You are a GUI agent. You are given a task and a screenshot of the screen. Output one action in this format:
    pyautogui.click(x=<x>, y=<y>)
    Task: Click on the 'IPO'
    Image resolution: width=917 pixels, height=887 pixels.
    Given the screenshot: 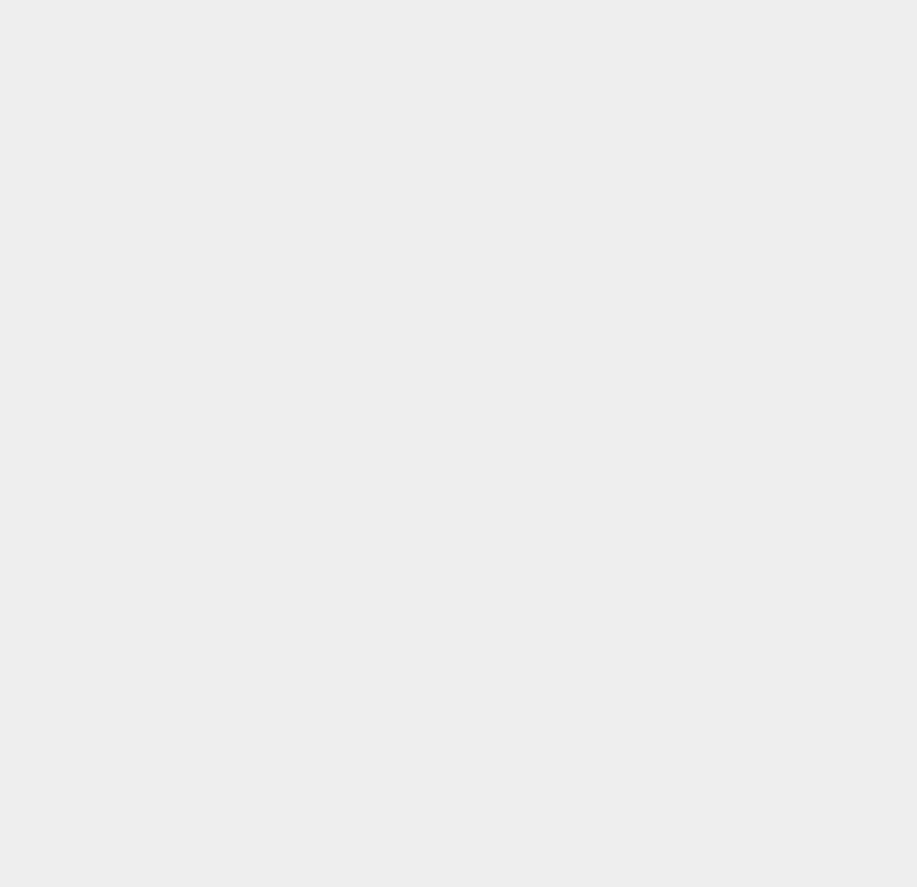 What is the action you would take?
    pyautogui.click(x=649, y=602)
    